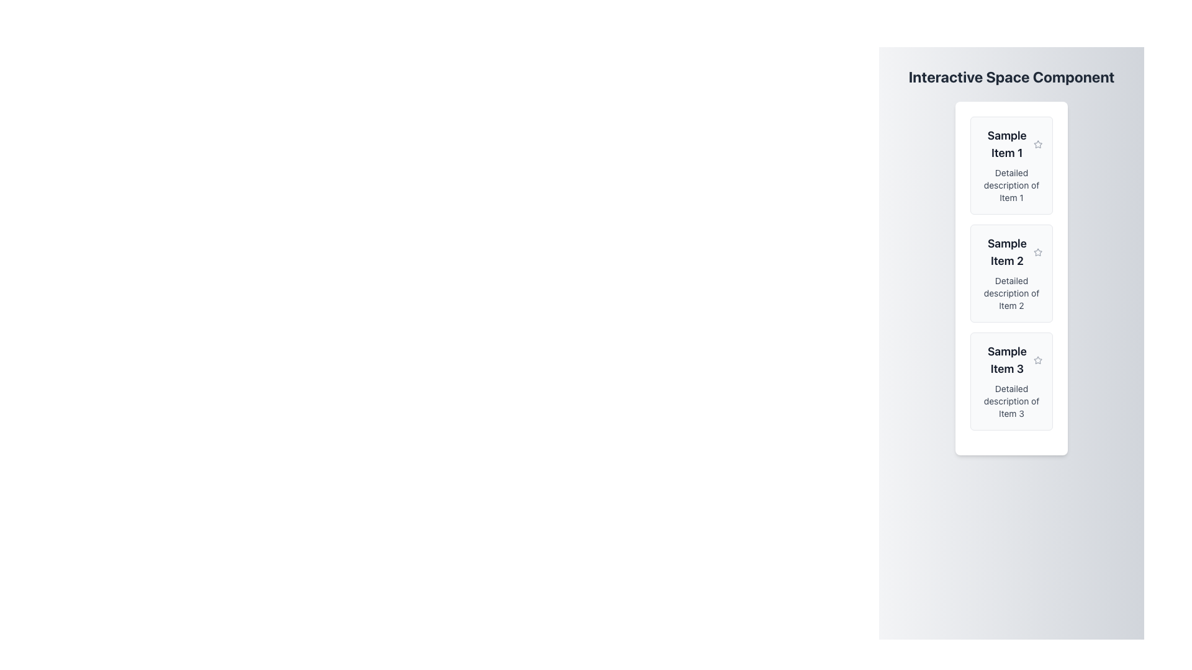 The width and height of the screenshot is (1192, 670). What do you see at coordinates (1038, 360) in the screenshot?
I see `the third star icon associated with 'Sample Item 3'` at bounding box center [1038, 360].